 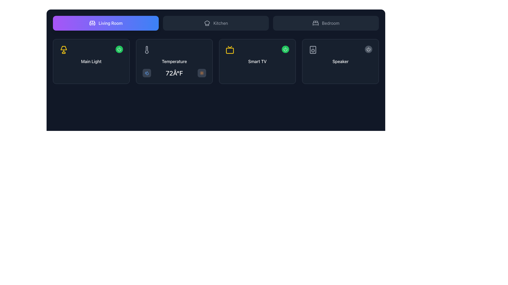 I want to click on the sofa icon located in the top-left area of the interface, which represents the 'Living Room' section, so click(x=92, y=23).